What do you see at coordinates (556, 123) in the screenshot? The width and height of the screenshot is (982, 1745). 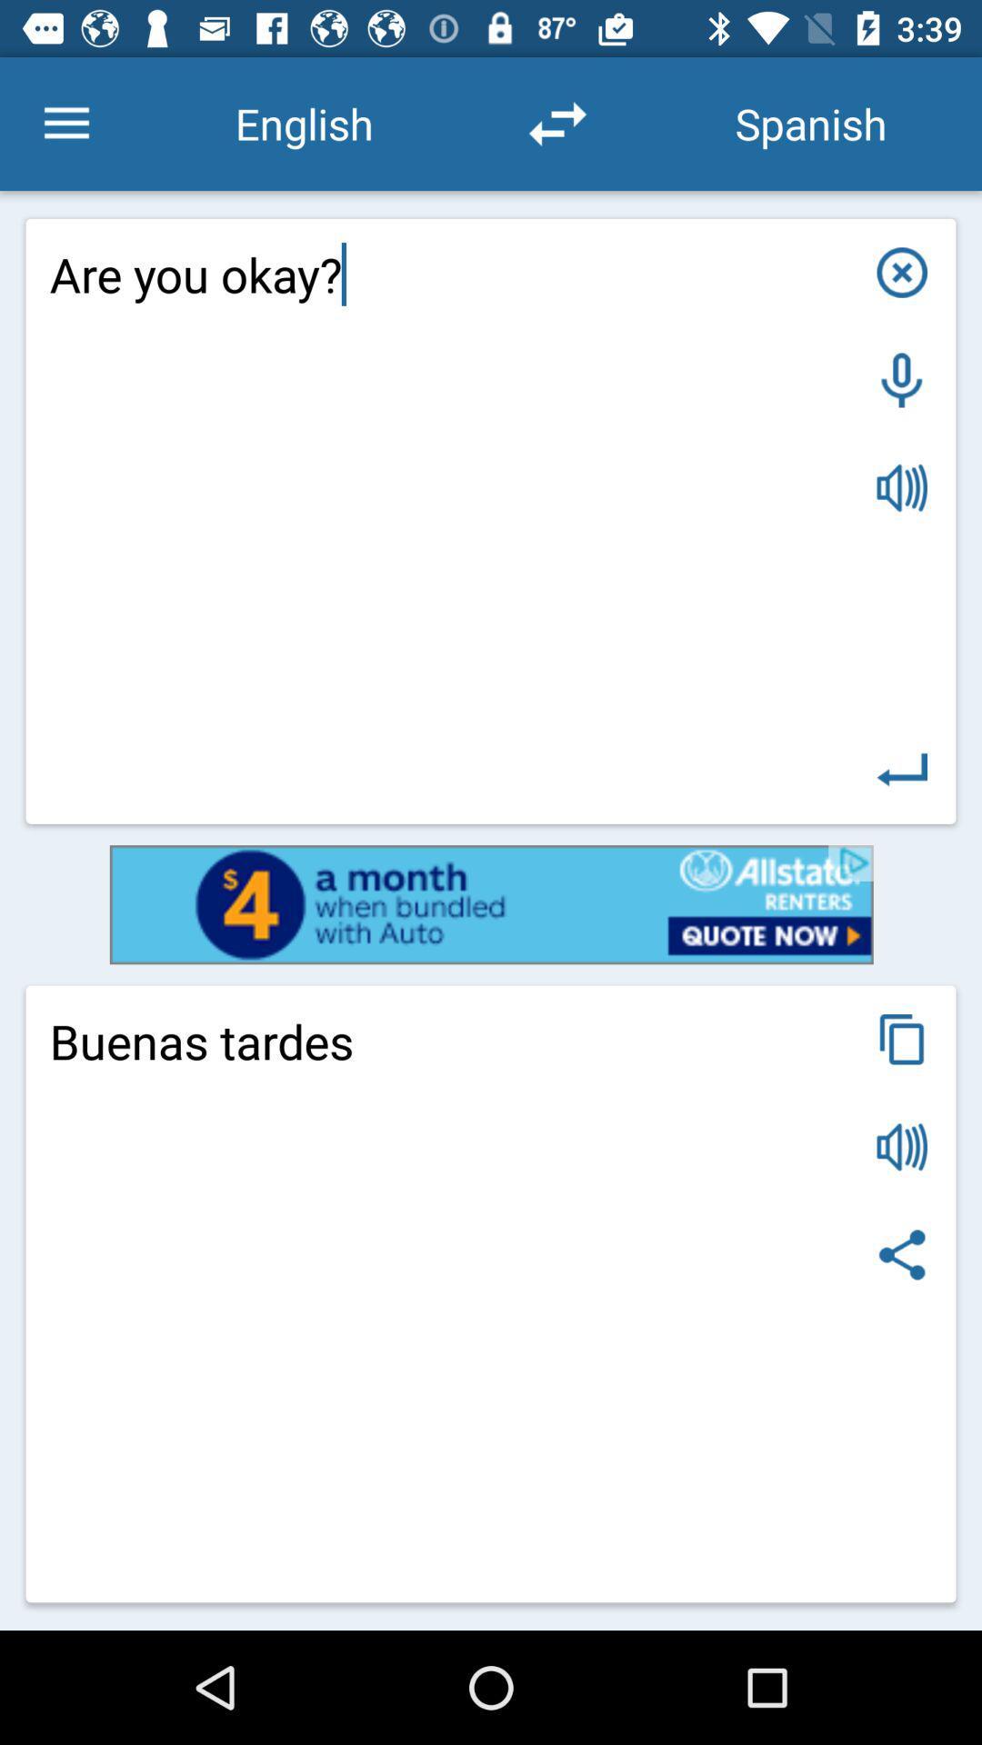 I see `refresh` at bounding box center [556, 123].